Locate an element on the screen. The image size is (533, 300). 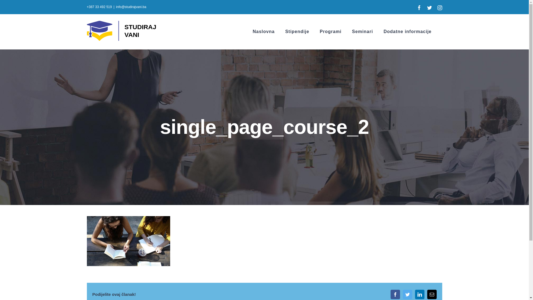
'Facebook' is located at coordinates (390, 294).